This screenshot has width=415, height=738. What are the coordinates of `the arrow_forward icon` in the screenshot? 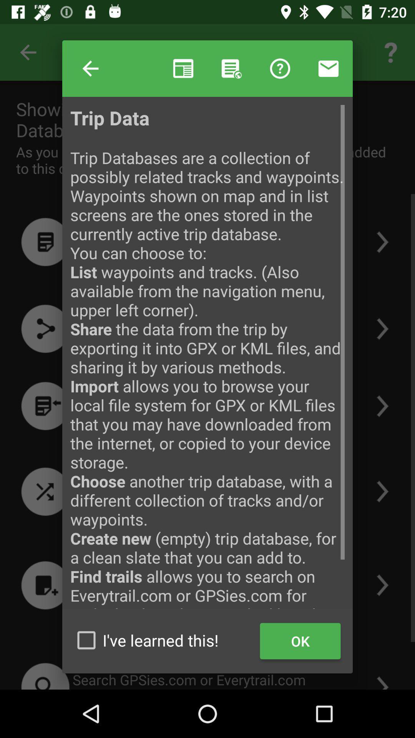 It's located at (383, 304).